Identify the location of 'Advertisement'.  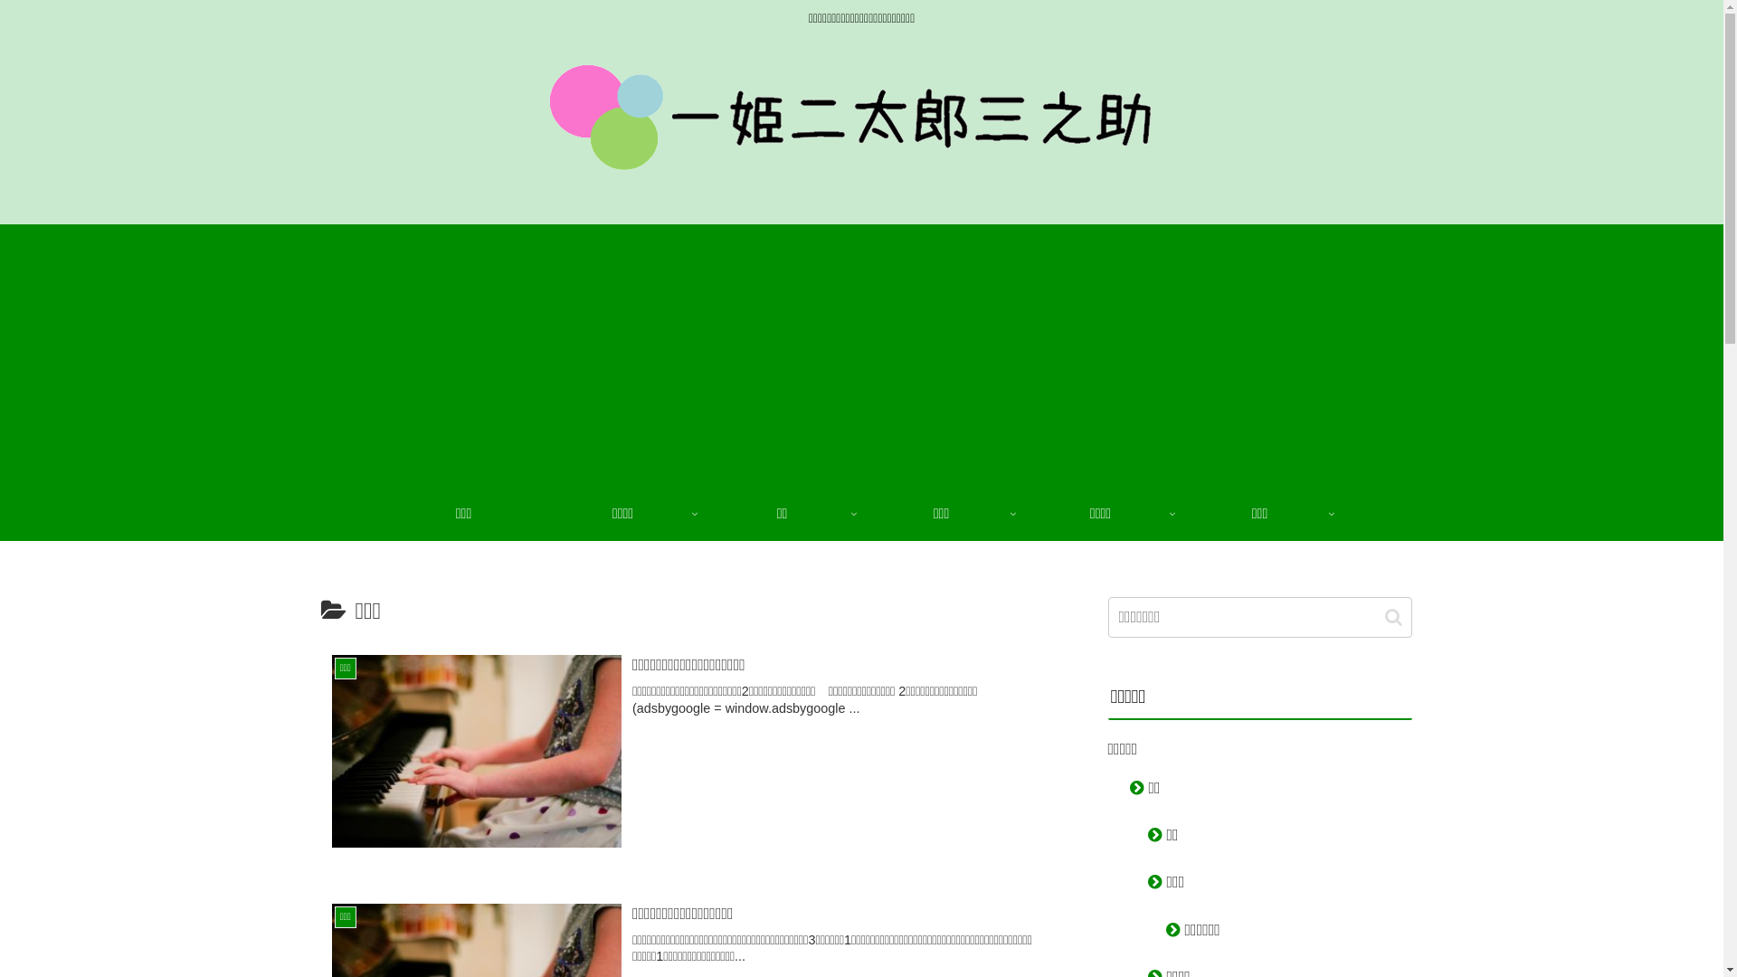
(859, 351).